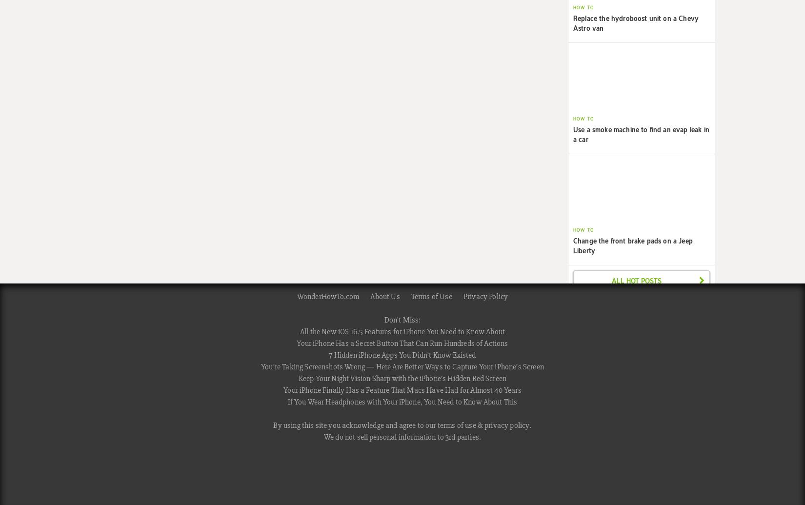  What do you see at coordinates (299, 331) in the screenshot?
I see `'All the New iOS 16.5 Features for iPhone You Need to Know About'` at bounding box center [299, 331].